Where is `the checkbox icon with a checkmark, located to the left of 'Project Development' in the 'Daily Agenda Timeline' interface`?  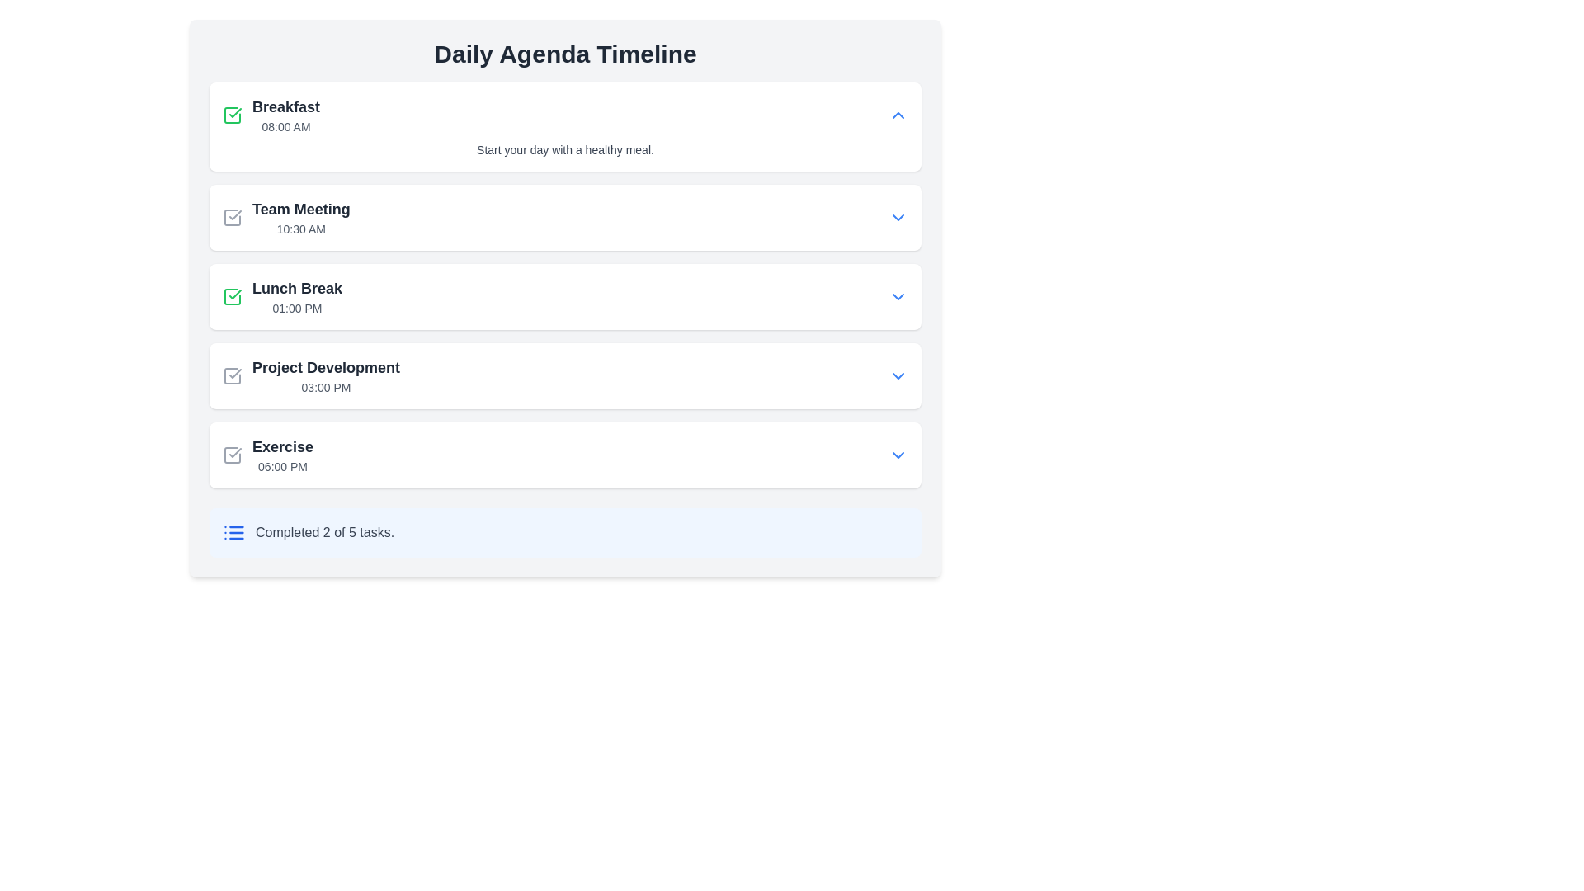
the checkbox icon with a checkmark, located to the left of 'Project Development' in the 'Daily Agenda Timeline' interface is located at coordinates (232, 375).